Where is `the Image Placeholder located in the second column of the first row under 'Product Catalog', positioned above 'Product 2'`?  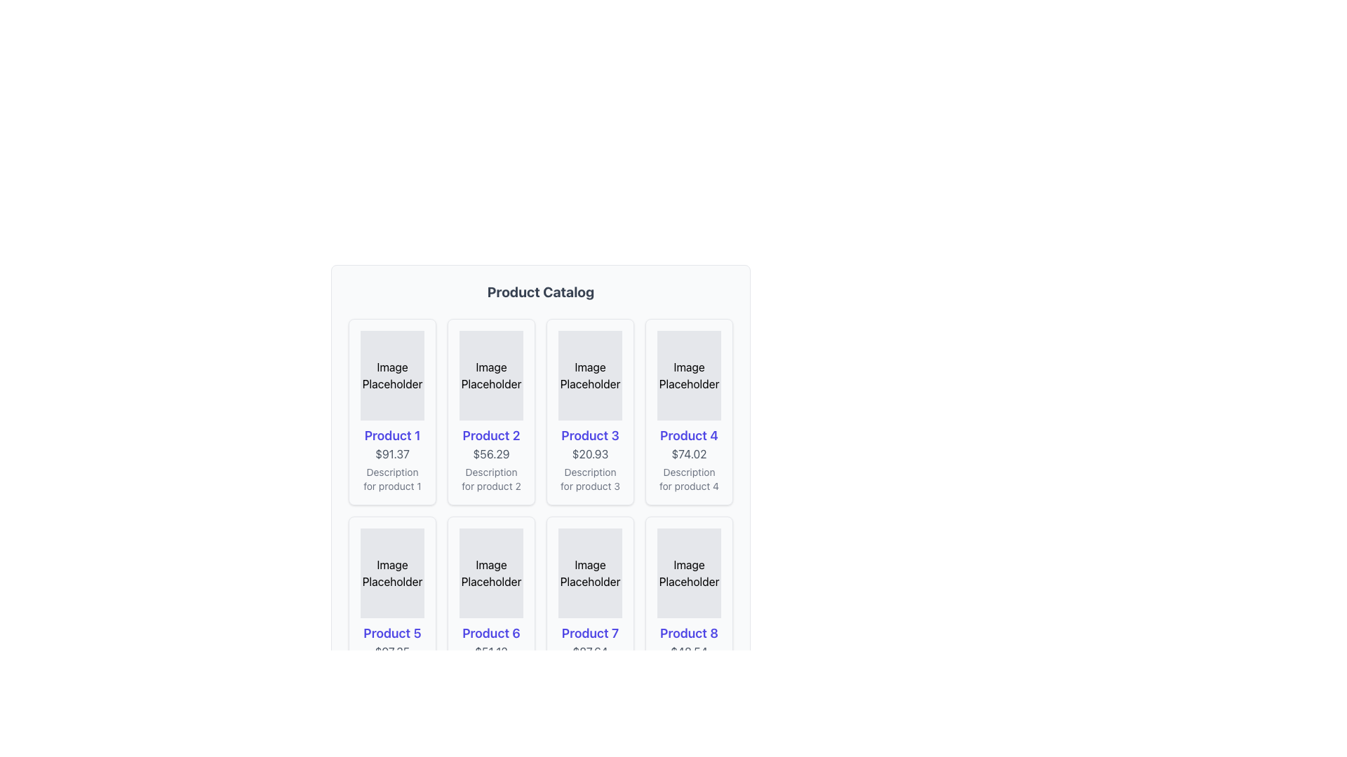 the Image Placeholder located in the second column of the first row under 'Product Catalog', positioned above 'Product 2' is located at coordinates (491, 375).